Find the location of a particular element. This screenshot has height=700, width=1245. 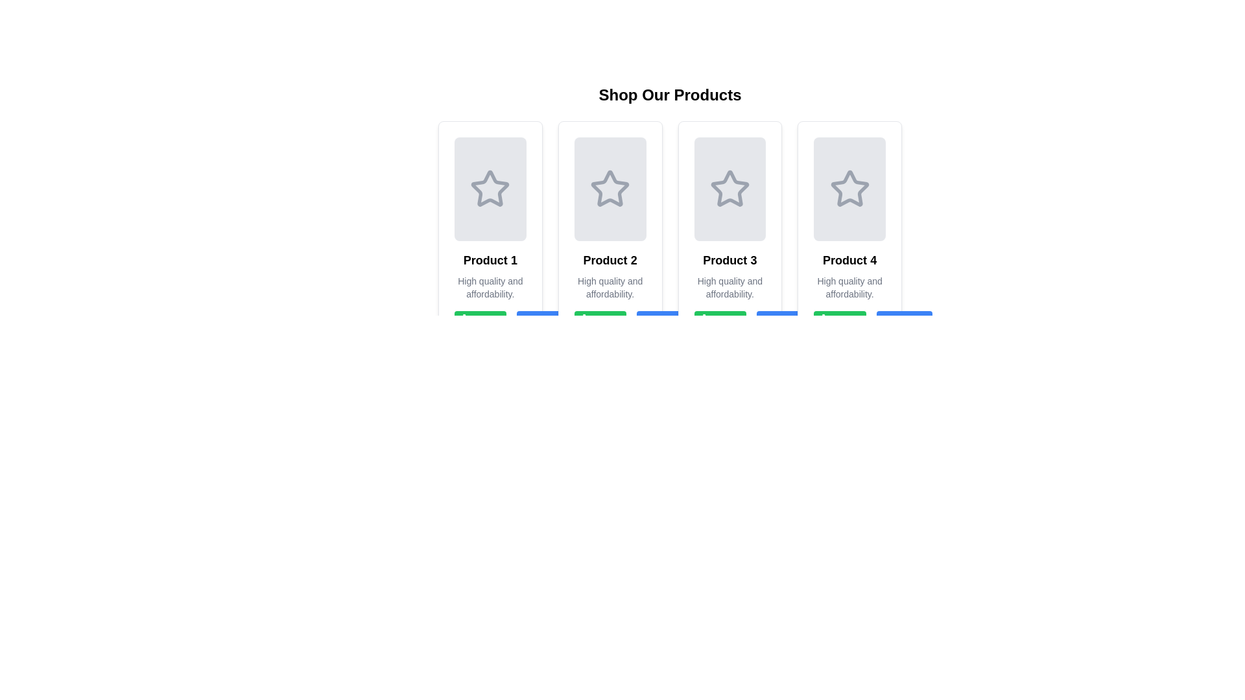

the heart icon located at the bottom of the 'Product 4' card is located at coordinates (838, 321).